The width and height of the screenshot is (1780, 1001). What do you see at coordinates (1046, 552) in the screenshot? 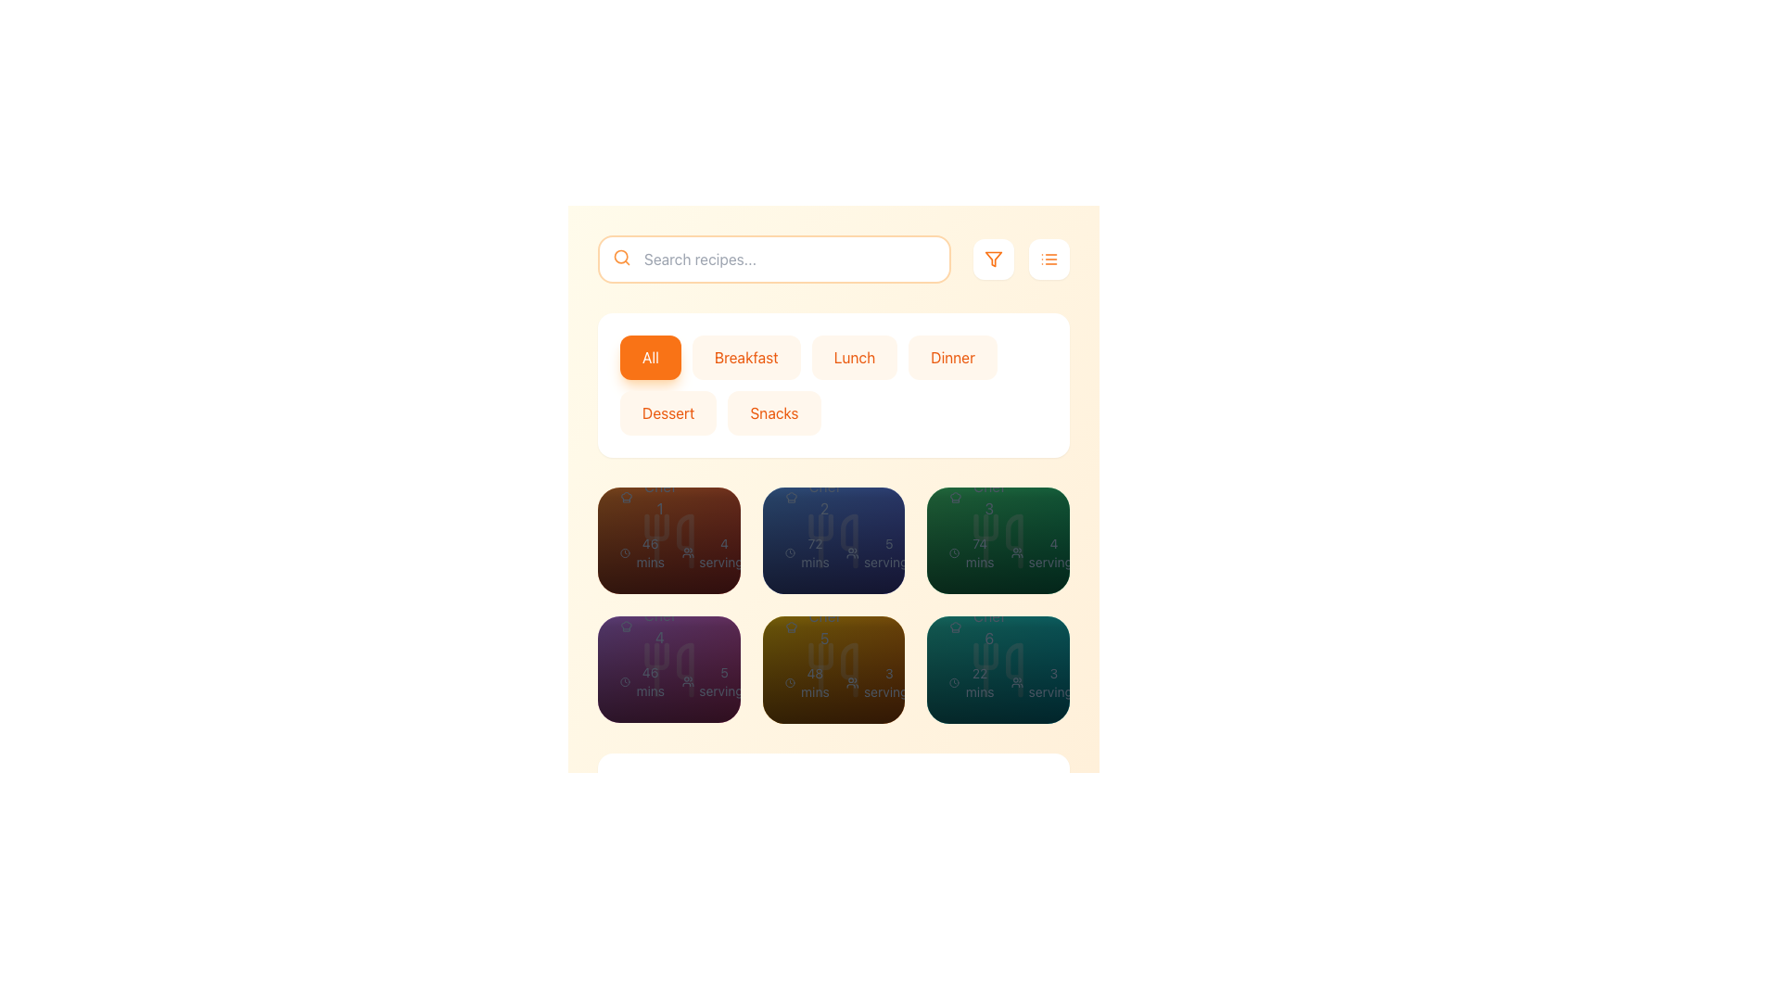
I see `the informational text element that provides the number of servings for the recipe, located in the fourth column of the top row, second in the grid cell after '74 mins'` at bounding box center [1046, 552].